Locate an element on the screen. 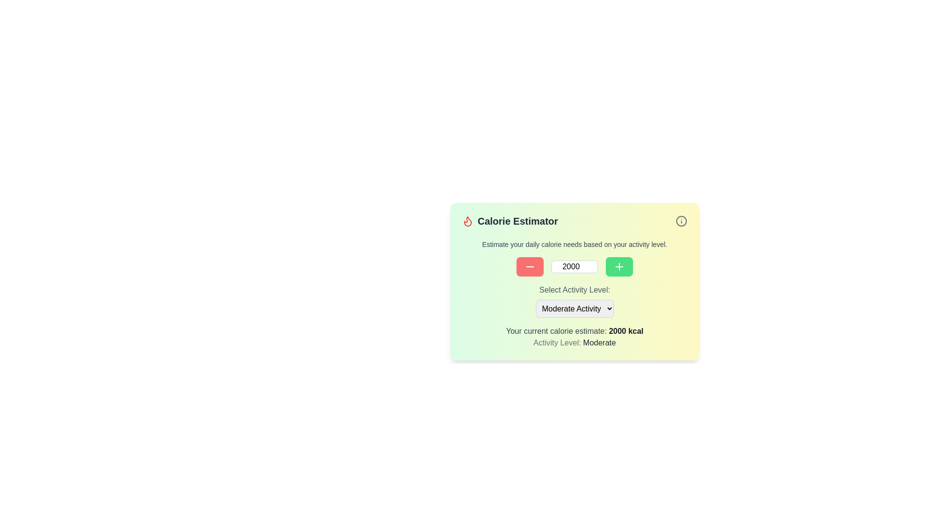  the text element displaying '2000 kcal', which is bold and dark gray, located at the bottom of a card-like UI component on a pale yellow-green gradient background is located at coordinates (626, 330).